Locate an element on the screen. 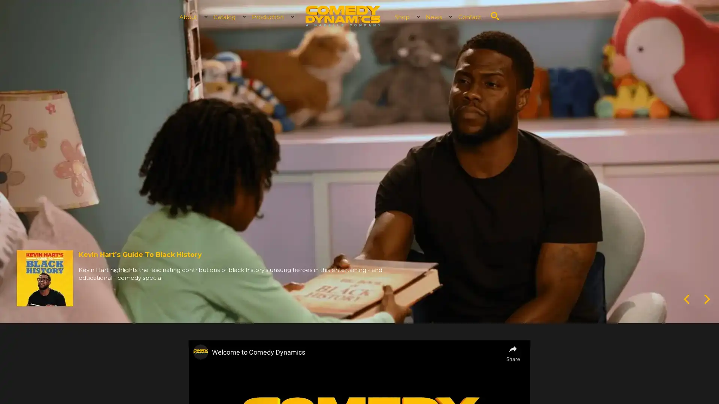 This screenshot has height=404, width=719. Expand child menu is located at coordinates (244, 17).